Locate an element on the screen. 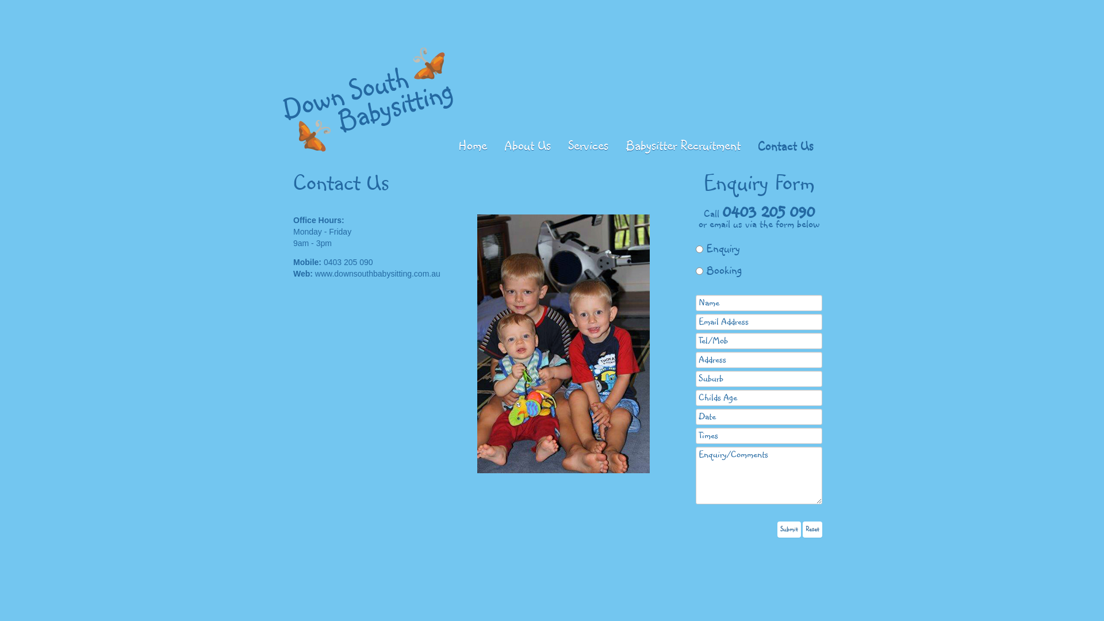 This screenshot has height=621, width=1104. 'Submit' is located at coordinates (788, 529).